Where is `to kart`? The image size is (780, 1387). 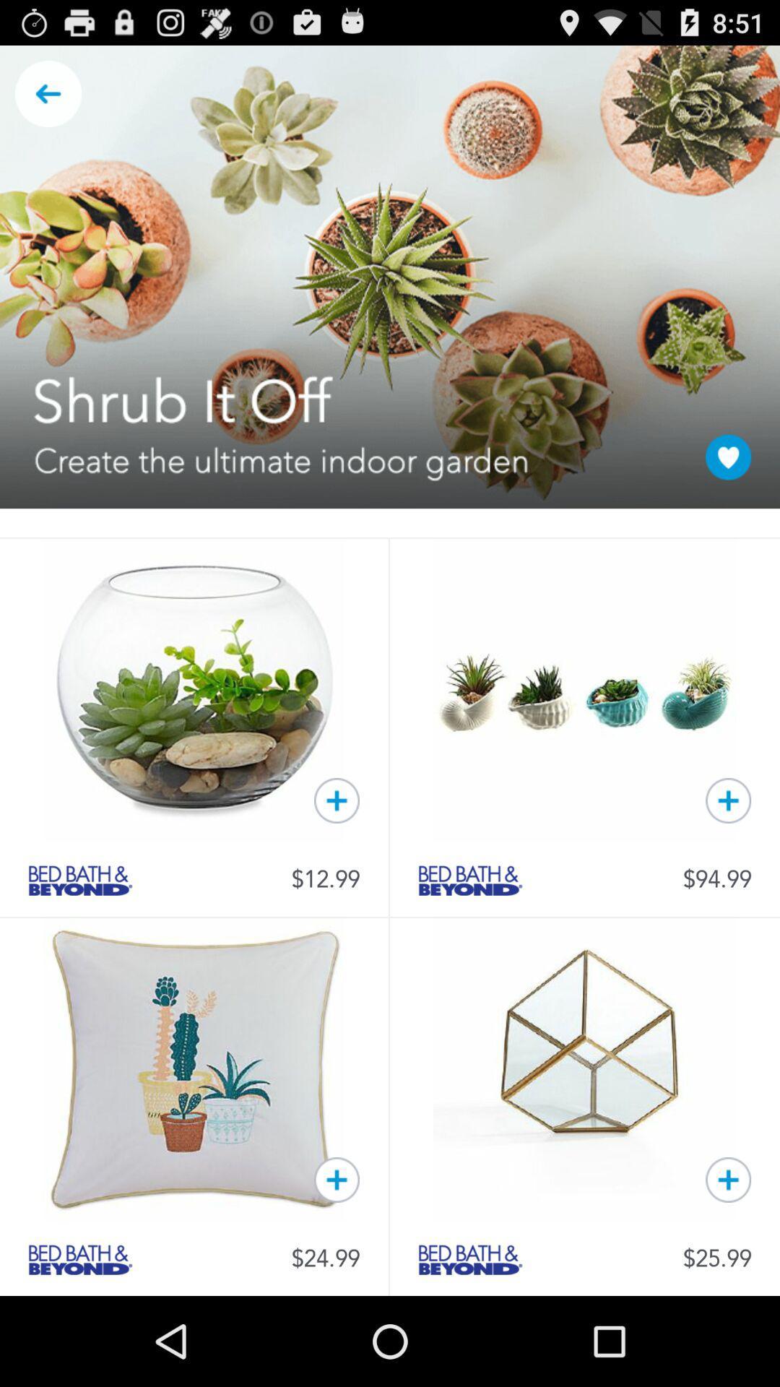 to kart is located at coordinates (337, 800).